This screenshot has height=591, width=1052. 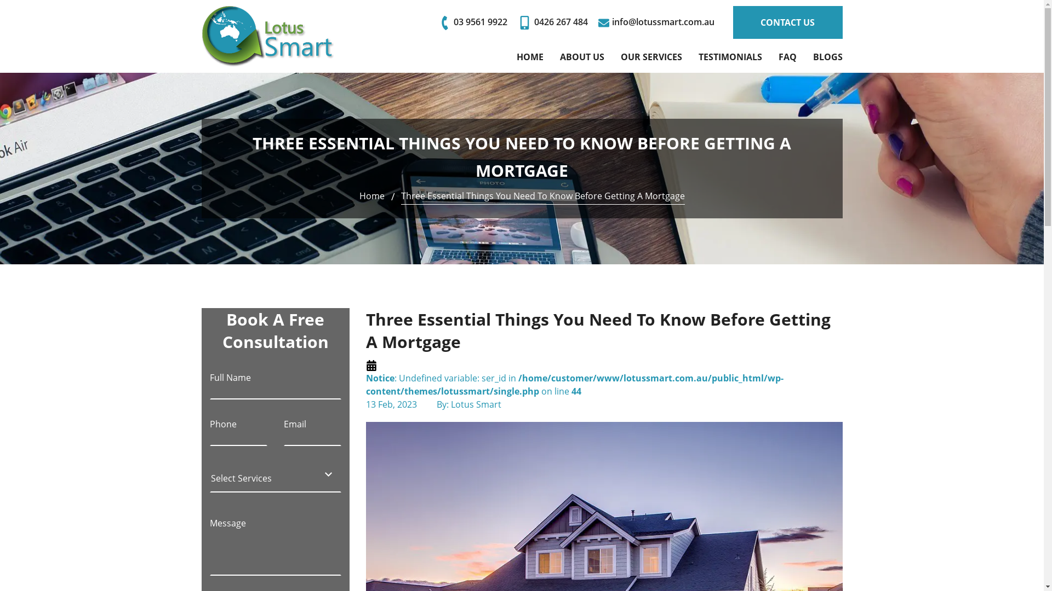 What do you see at coordinates (656, 21) in the screenshot?
I see `'info@lotussmart.com.au'` at bounding box center [656, 21].